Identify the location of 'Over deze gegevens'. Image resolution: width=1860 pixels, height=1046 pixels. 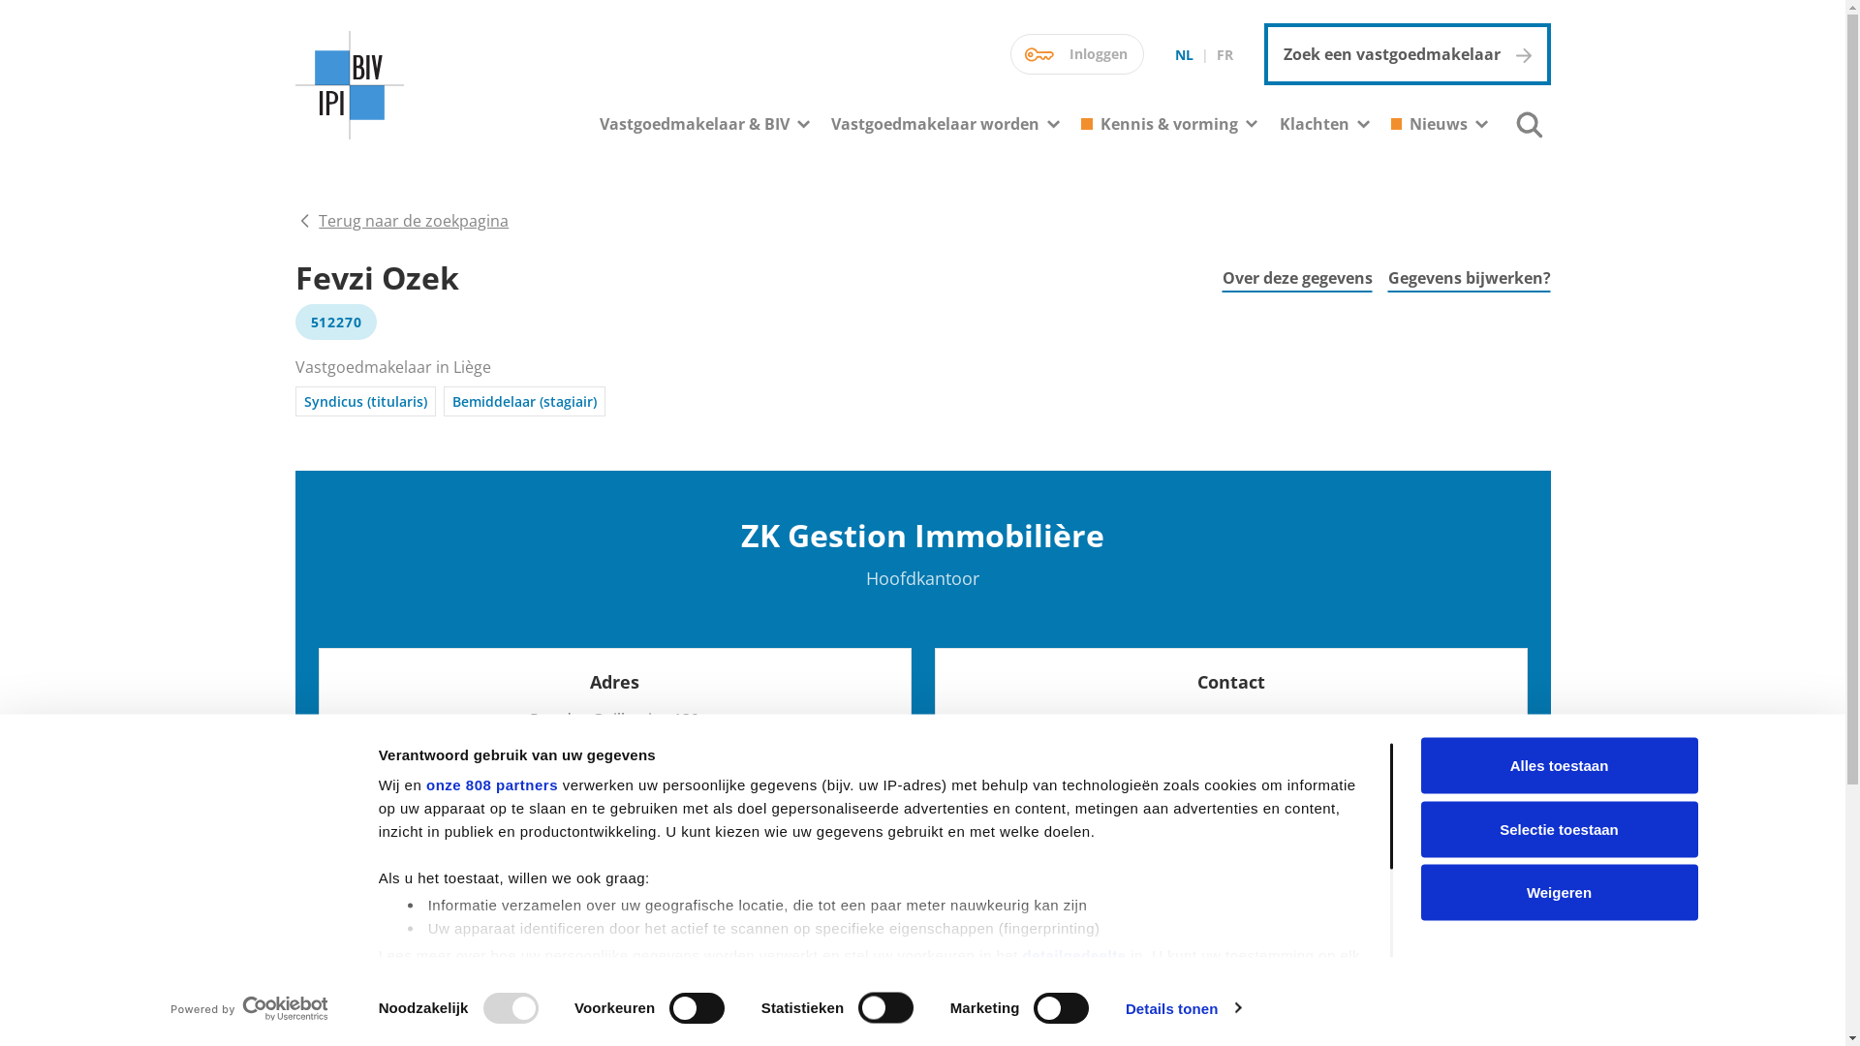
(1297, 278).